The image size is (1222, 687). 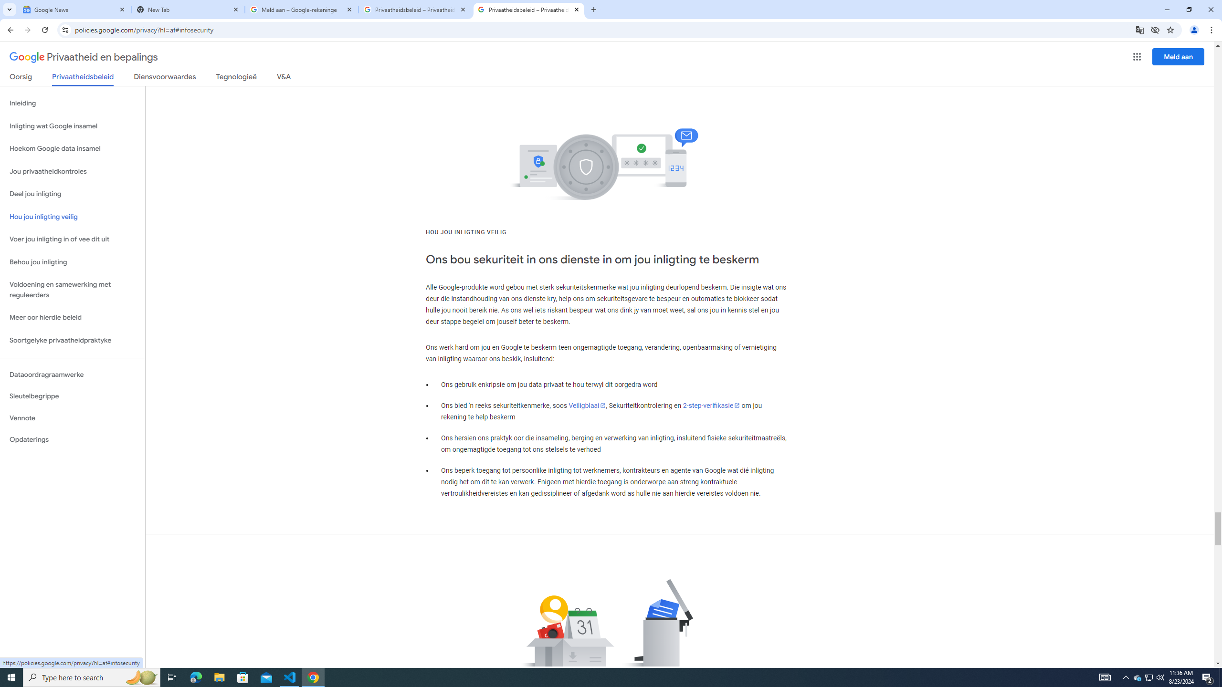 What do you see at coordinates (587, 406) in the screenshot?
I see `'Veiligblaai'` at bounding box center [587, 406].